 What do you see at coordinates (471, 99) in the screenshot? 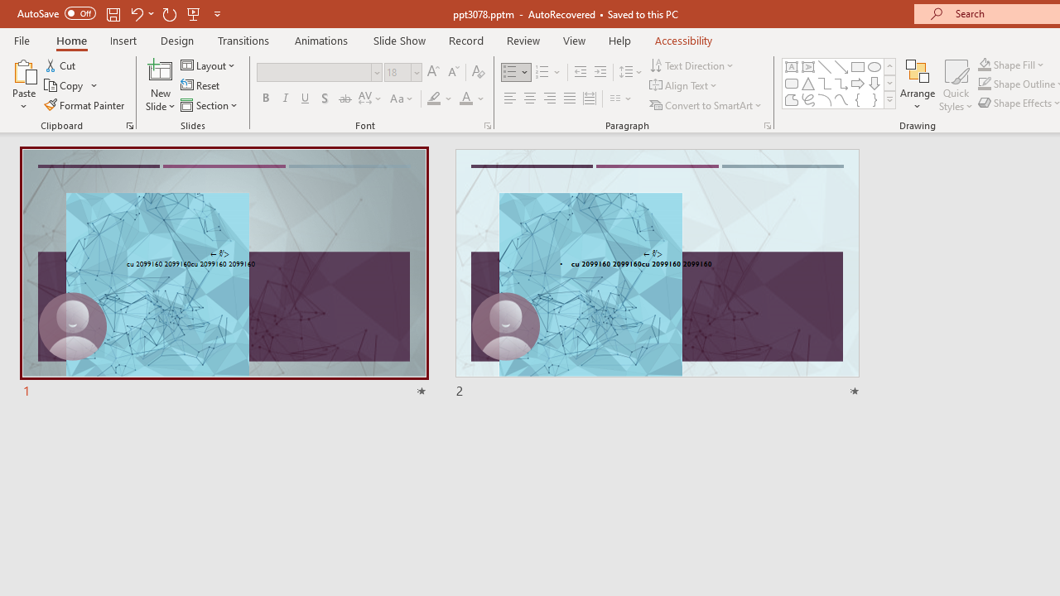
I see `'Font Color'` at bounding box center [471, 99].